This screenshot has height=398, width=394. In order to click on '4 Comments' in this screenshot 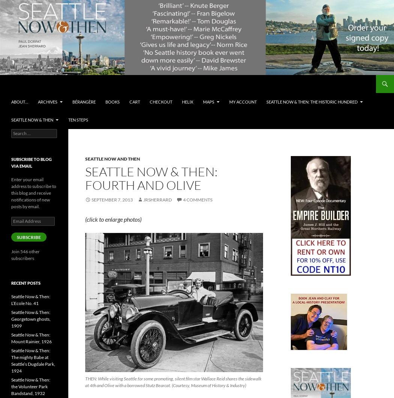, I will do `click(197, 199)`.